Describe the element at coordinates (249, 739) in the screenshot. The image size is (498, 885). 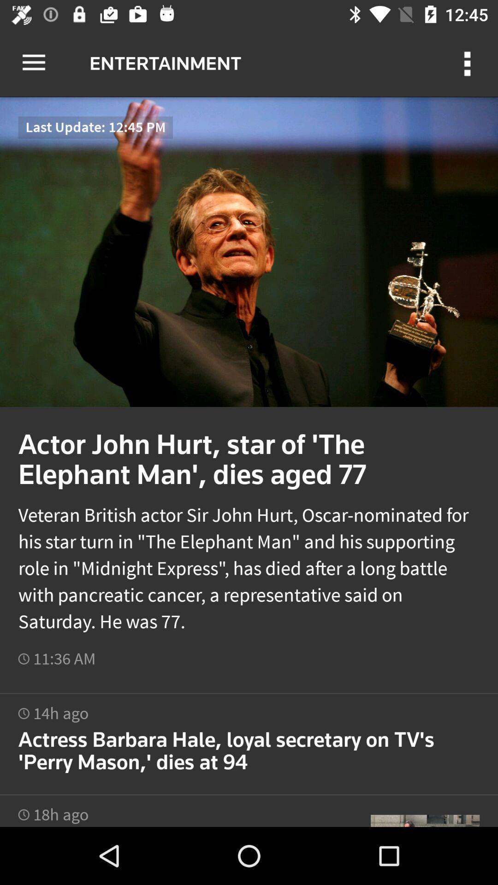
I see `choose a notice` at that location.